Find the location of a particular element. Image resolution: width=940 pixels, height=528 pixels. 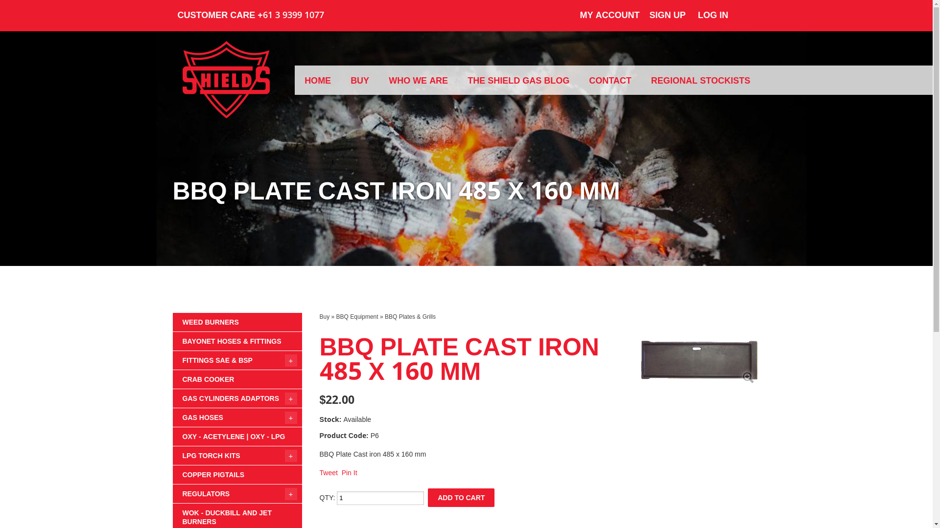

'BBQ Equipment' is located at coordinates (336, 317).